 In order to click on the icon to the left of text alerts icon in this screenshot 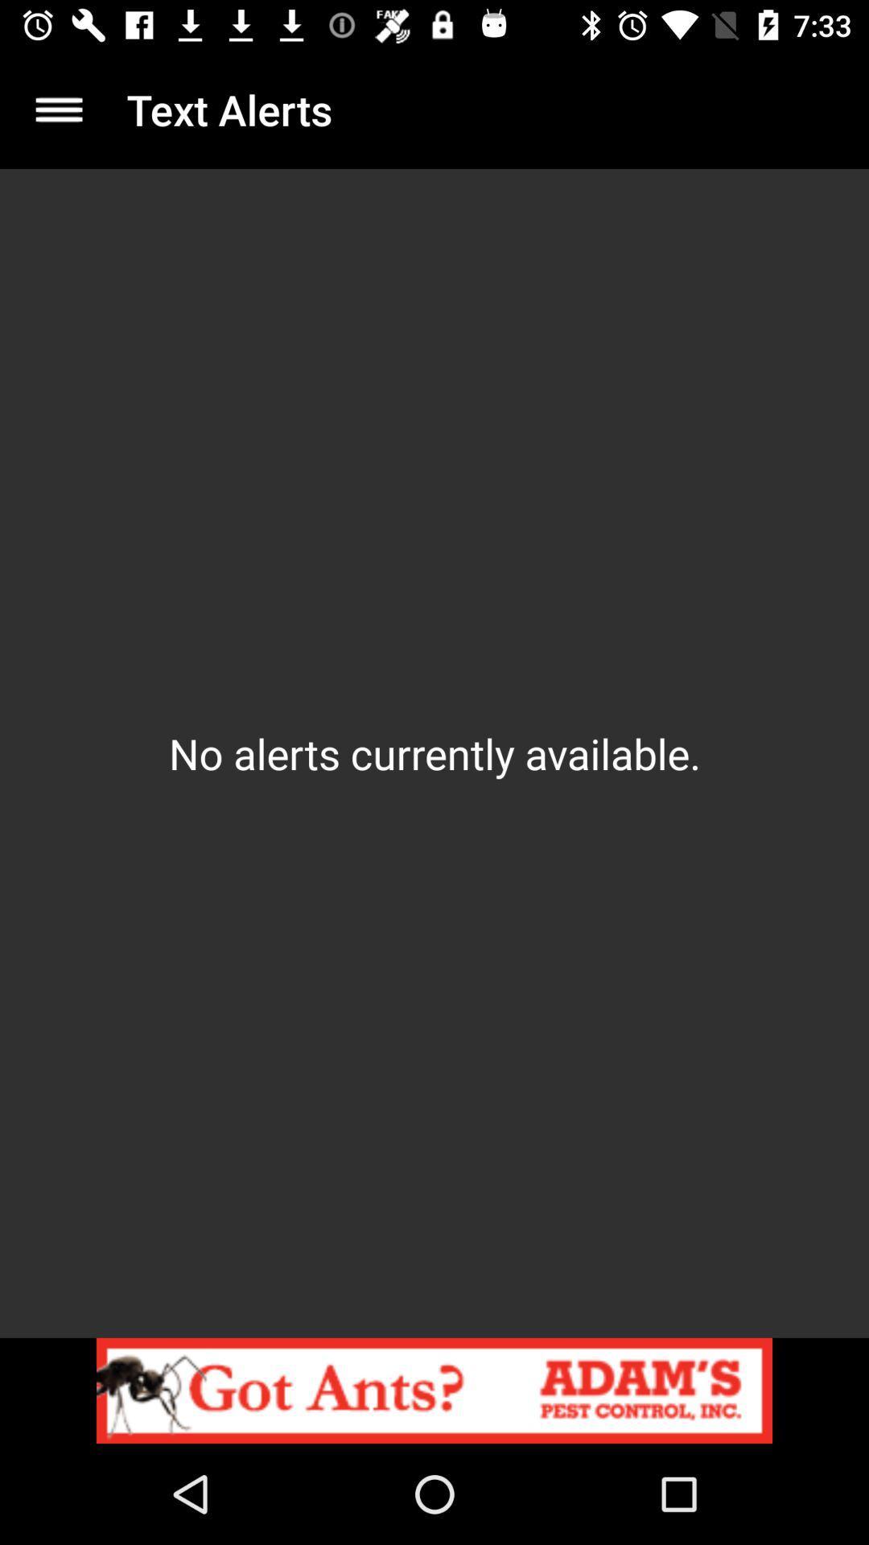, I will do `click(58, 109)`.